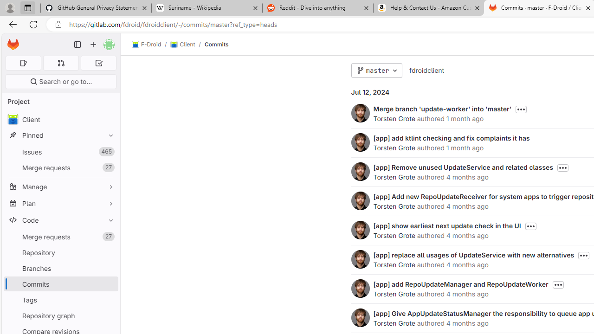  I want to click on '[app] add ktlint checking and fix complaints it has', so click(451, 138).